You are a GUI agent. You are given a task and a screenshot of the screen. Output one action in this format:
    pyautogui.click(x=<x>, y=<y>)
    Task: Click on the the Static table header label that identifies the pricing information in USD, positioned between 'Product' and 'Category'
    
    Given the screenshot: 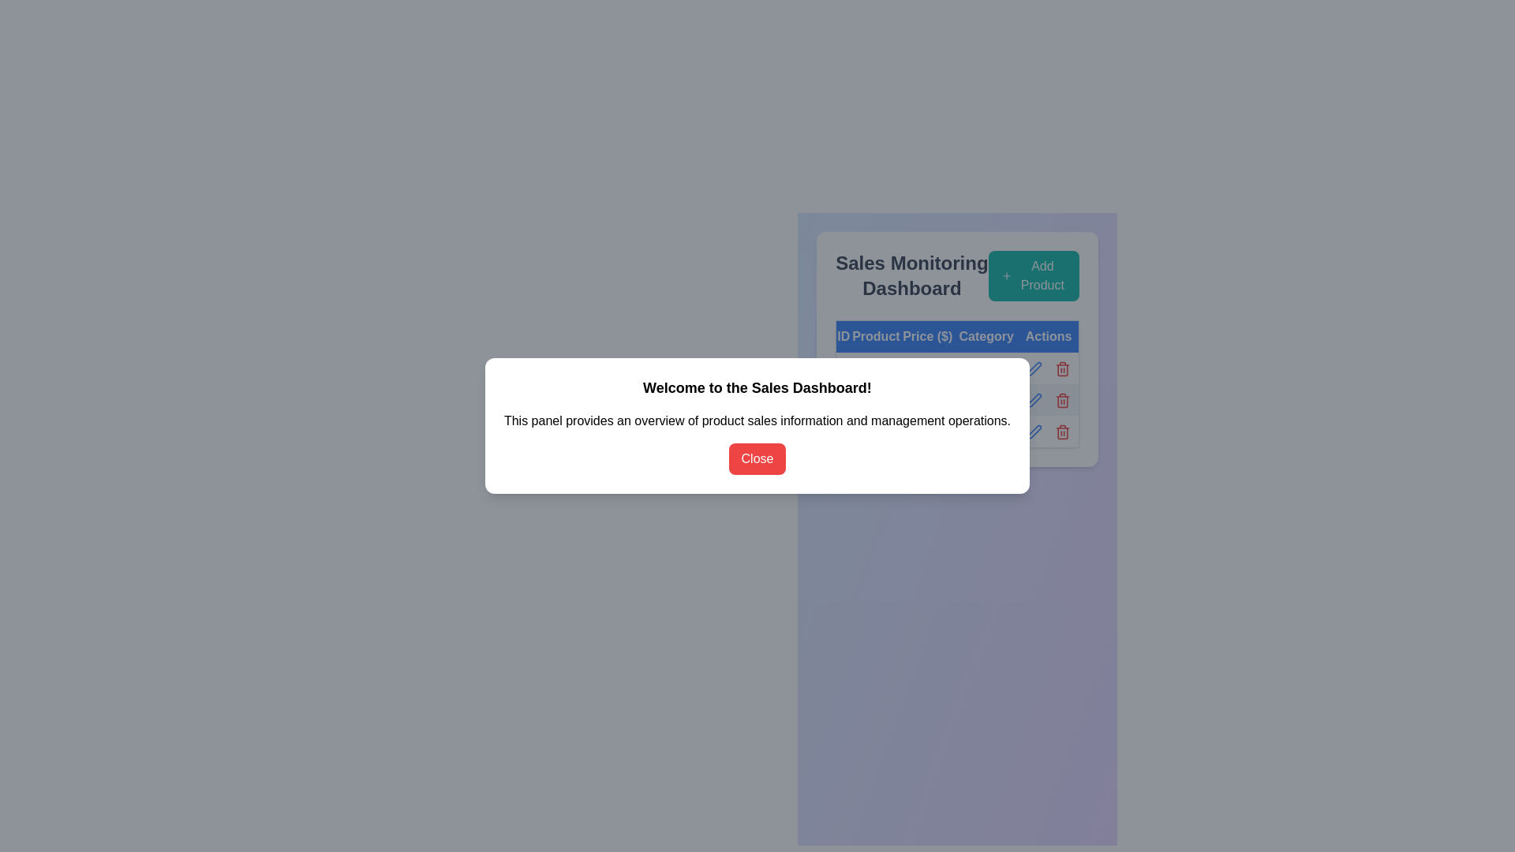 What is the action you would take?
    pyautogui.click(x=927, y=335)
    